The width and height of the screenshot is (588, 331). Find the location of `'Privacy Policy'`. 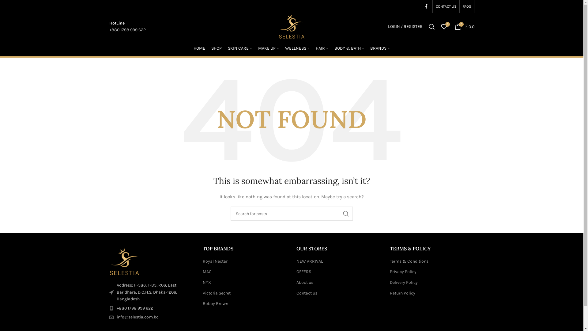

'Privacy Policy' is located at coordinates (403, 272).